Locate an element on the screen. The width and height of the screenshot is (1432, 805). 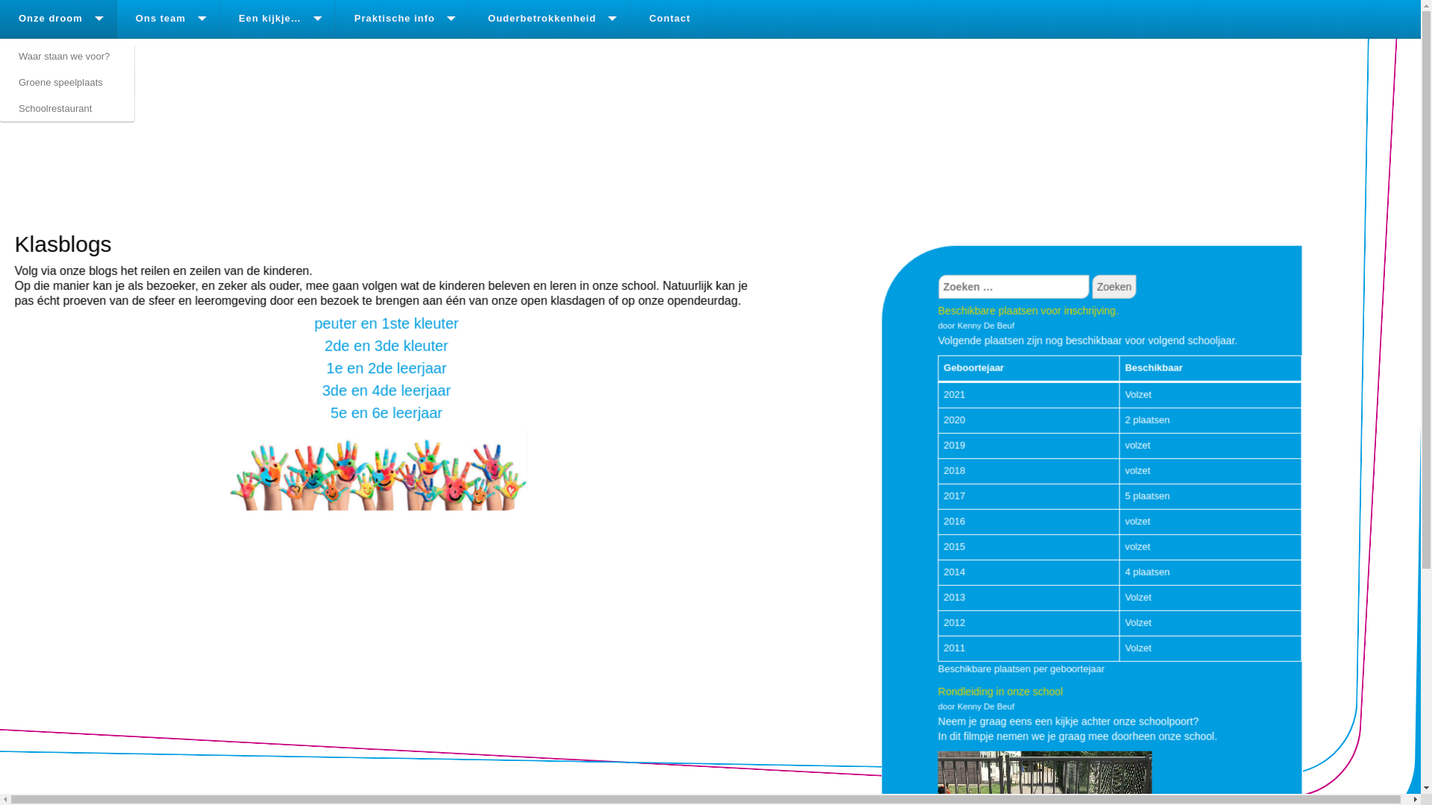
'1e en 2de leerjaar' is located at coordinates (386, 367).